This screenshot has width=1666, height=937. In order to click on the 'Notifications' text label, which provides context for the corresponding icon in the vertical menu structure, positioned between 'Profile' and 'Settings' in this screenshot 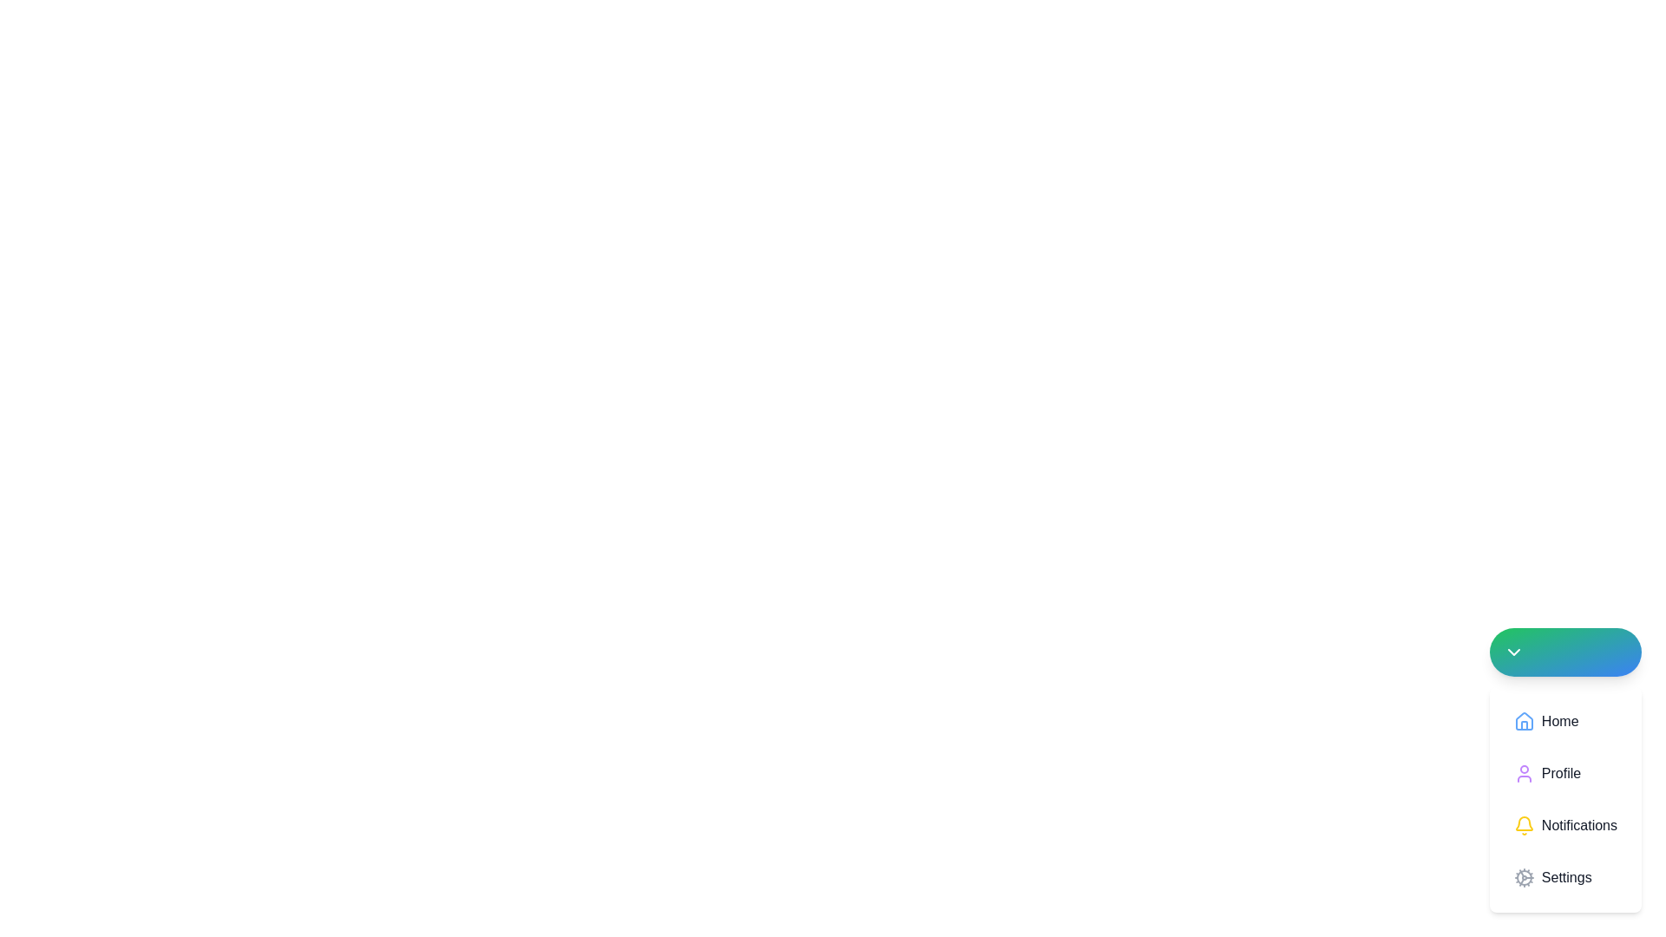, I will do `click(1579, 825)`.